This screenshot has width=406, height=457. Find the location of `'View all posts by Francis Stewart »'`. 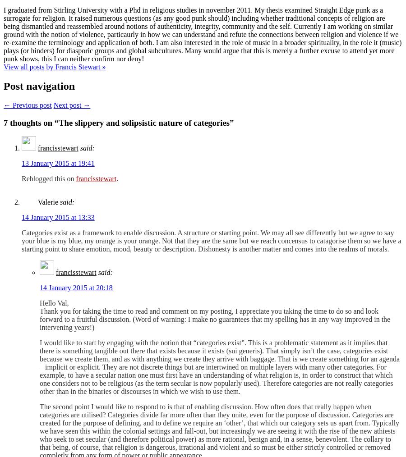

'View all posts by Francis Stewart »' is located at coordinates (3, 67).